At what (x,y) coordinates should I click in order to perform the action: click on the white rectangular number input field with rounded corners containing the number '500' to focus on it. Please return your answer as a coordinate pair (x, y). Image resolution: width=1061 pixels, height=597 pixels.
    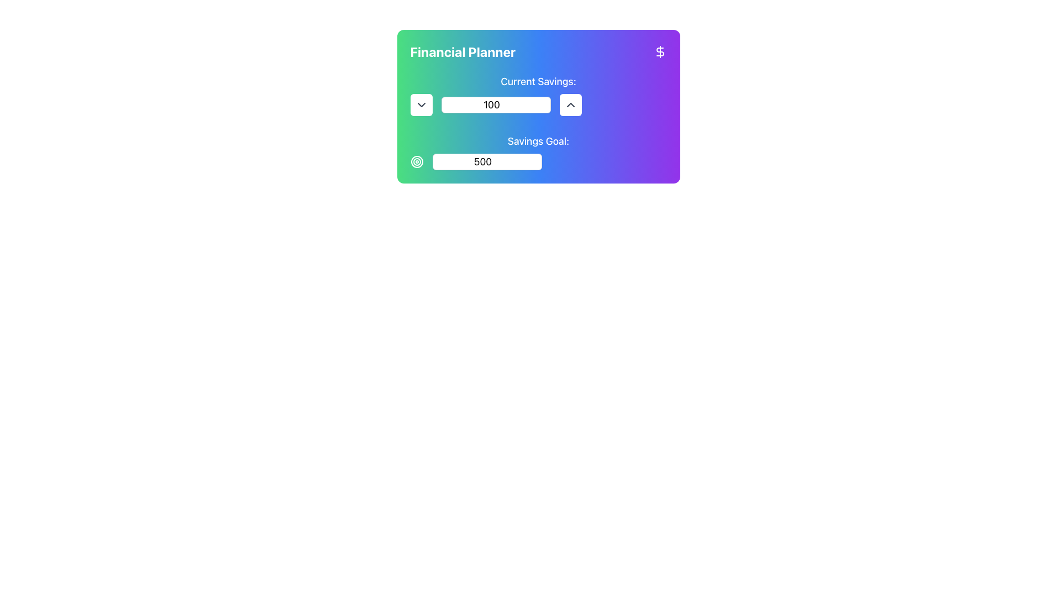
    Looking at the image, I should click on (486, 162).